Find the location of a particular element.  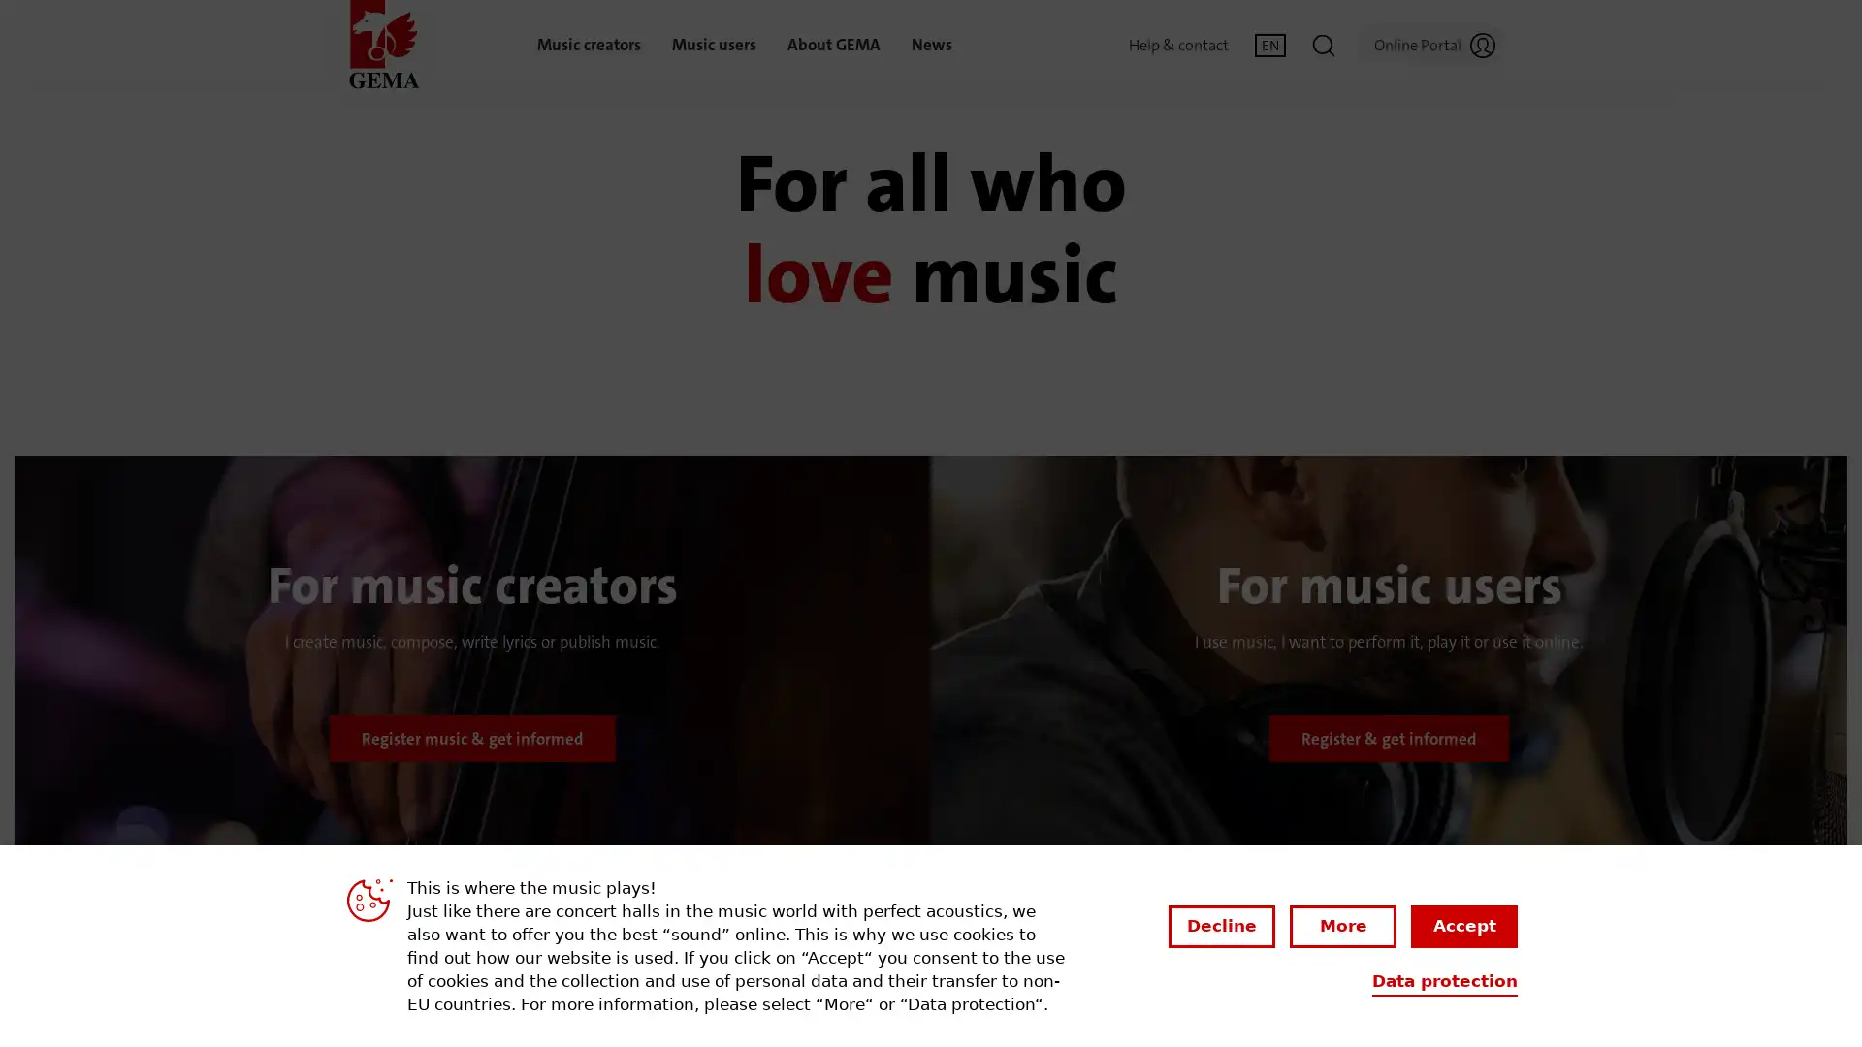

Help is located at coordinates (1754, 987).